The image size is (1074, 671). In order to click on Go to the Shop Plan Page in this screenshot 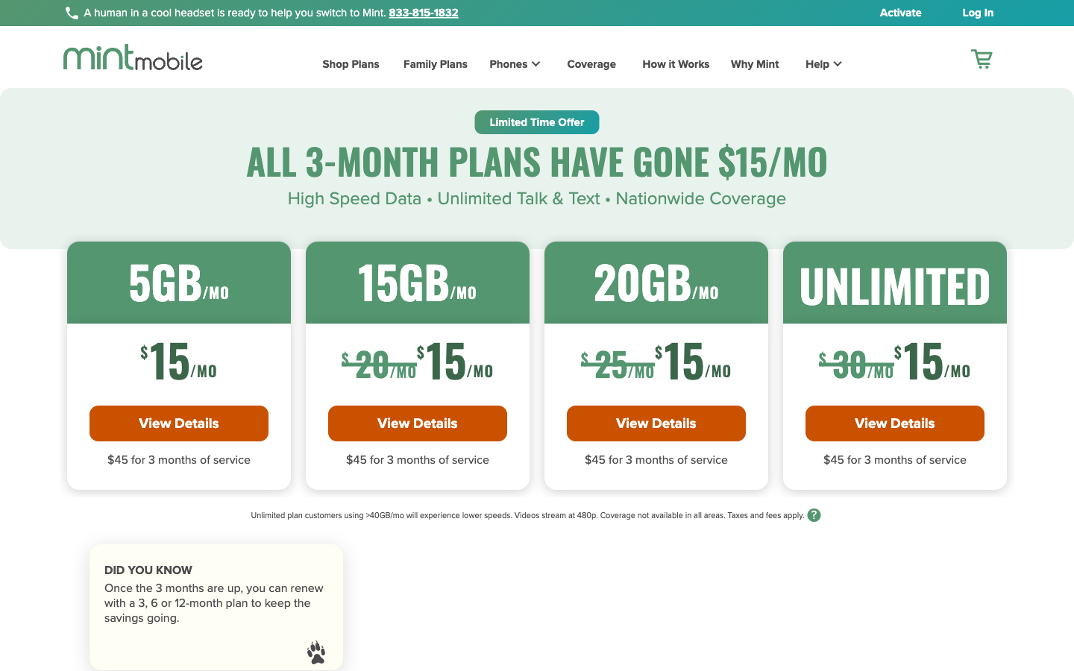, I will do `click(342, 66)`.